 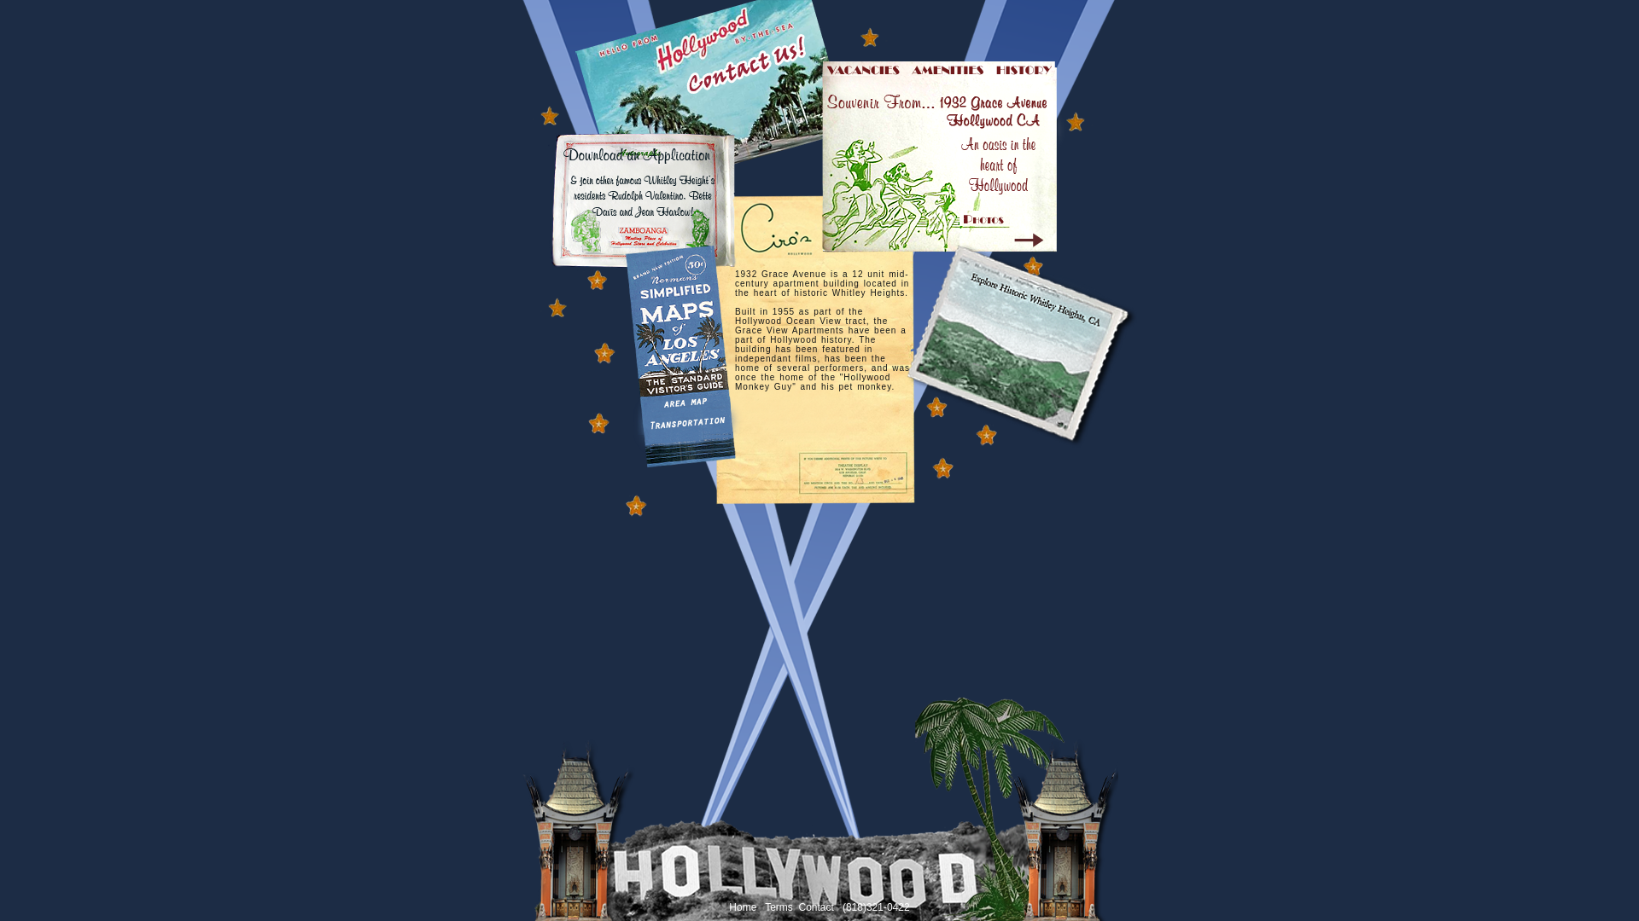 I want to click on 'Terms', so click(x=778, y=907).